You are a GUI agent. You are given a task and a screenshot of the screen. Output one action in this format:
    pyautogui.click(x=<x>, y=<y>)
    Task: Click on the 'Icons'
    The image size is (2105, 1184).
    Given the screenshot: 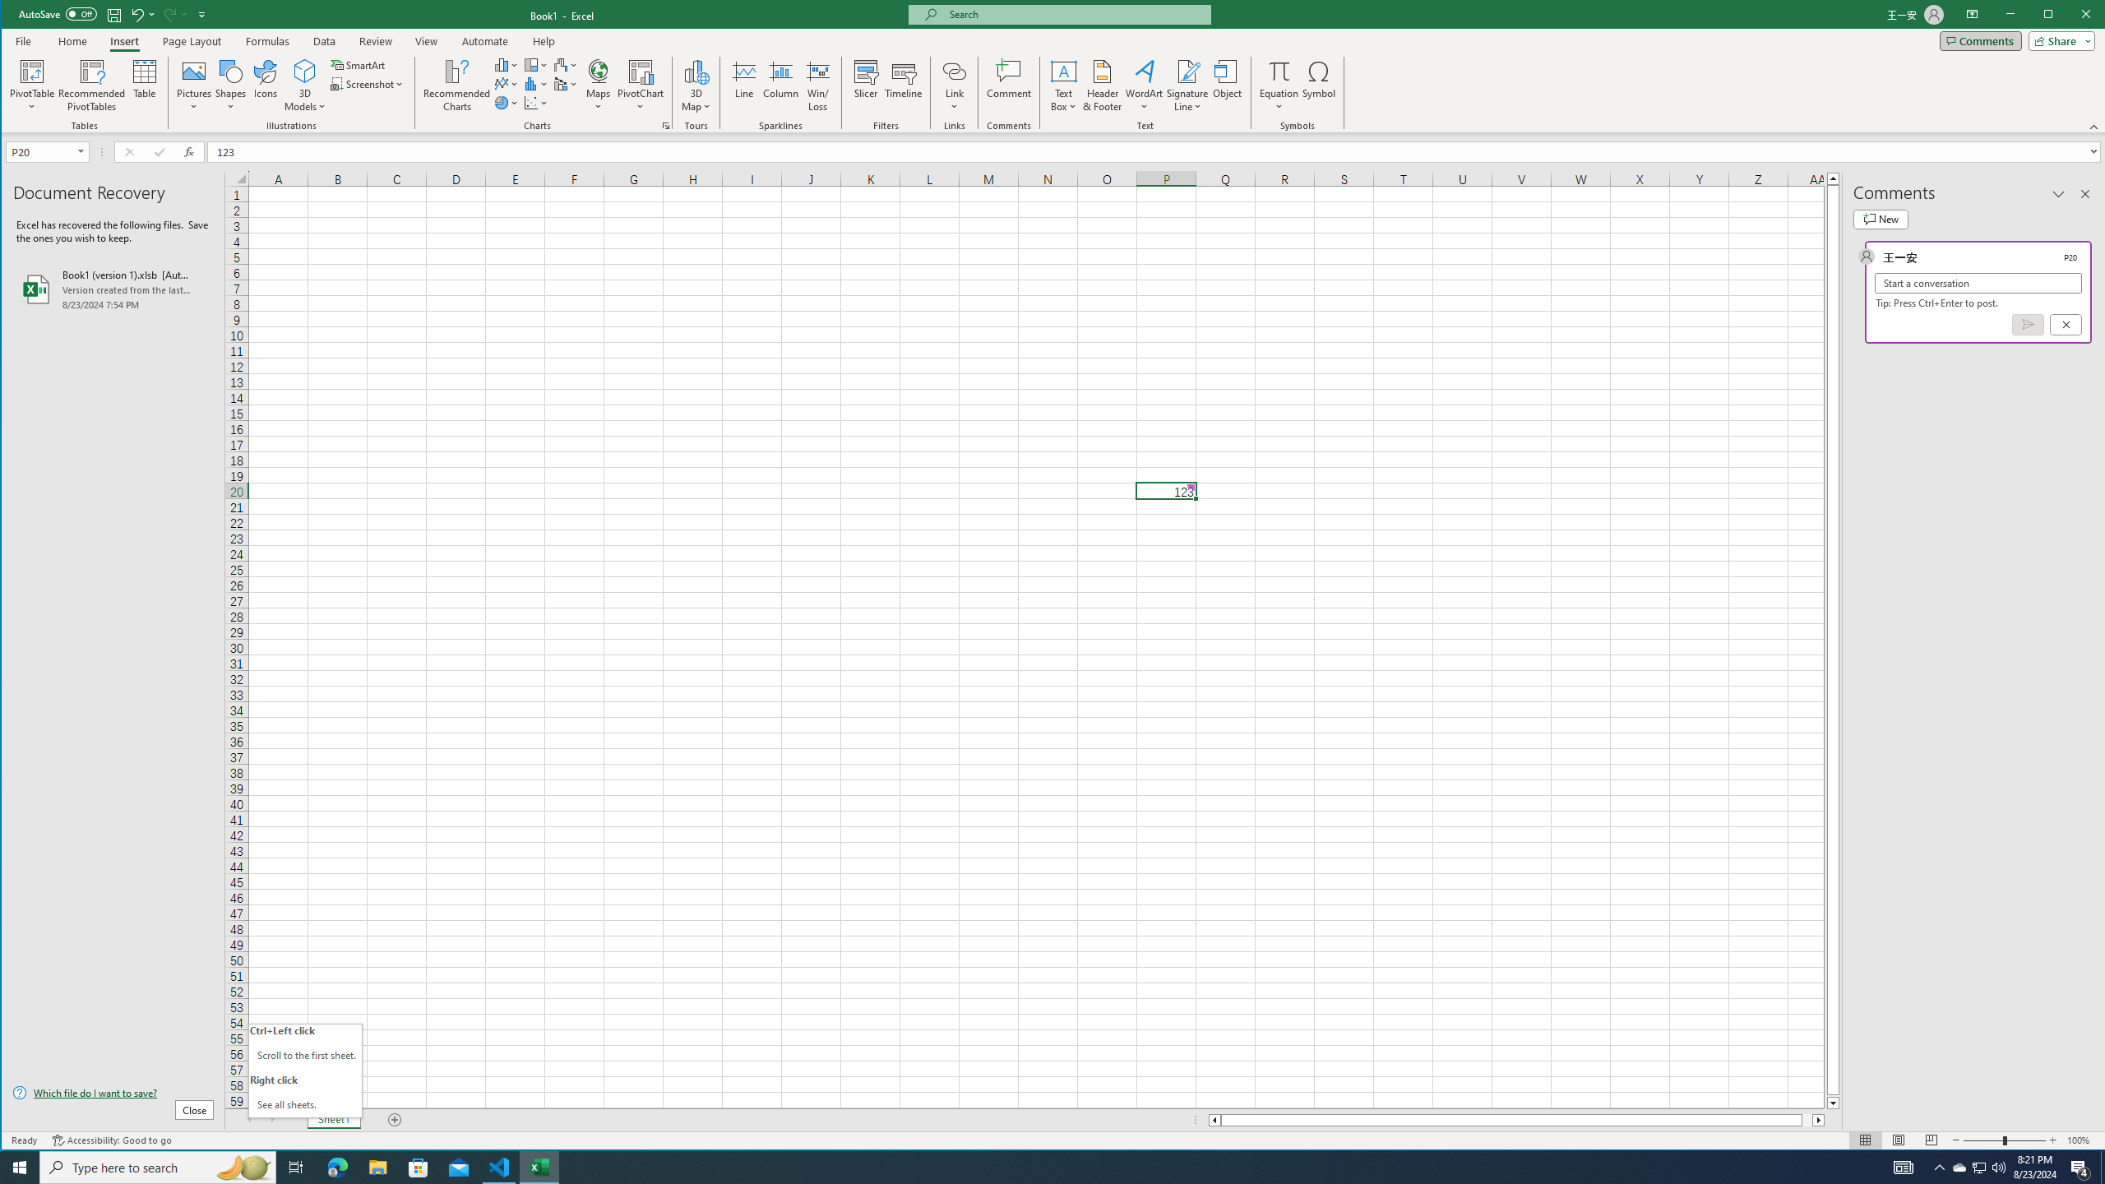 What is the action you would take?
    pyautogui.click(x=265, y=85)
    